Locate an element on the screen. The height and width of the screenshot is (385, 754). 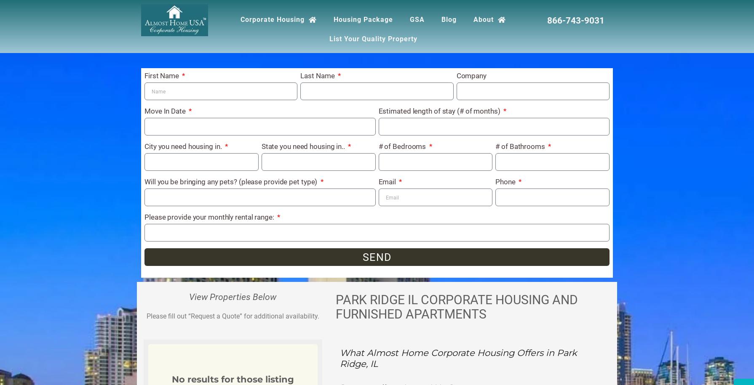
'Last Name' is located at coordinates (318, 75).